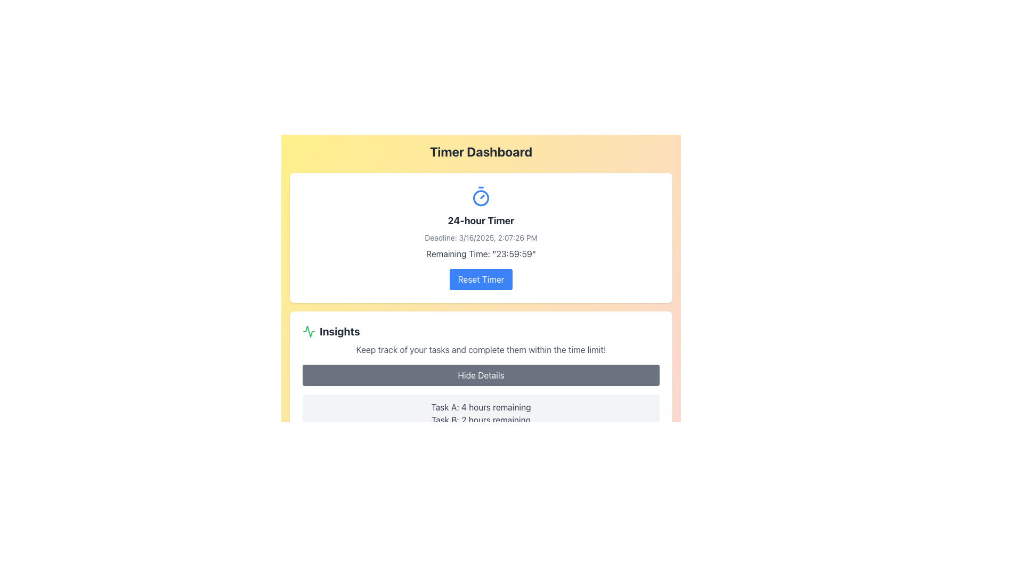 This screenshot has width=1023, height=575. I want to click on text displayed in the 'Task A' text display element located below the 'Hide Details' button in the 'Insights' section, so click(480, 407).